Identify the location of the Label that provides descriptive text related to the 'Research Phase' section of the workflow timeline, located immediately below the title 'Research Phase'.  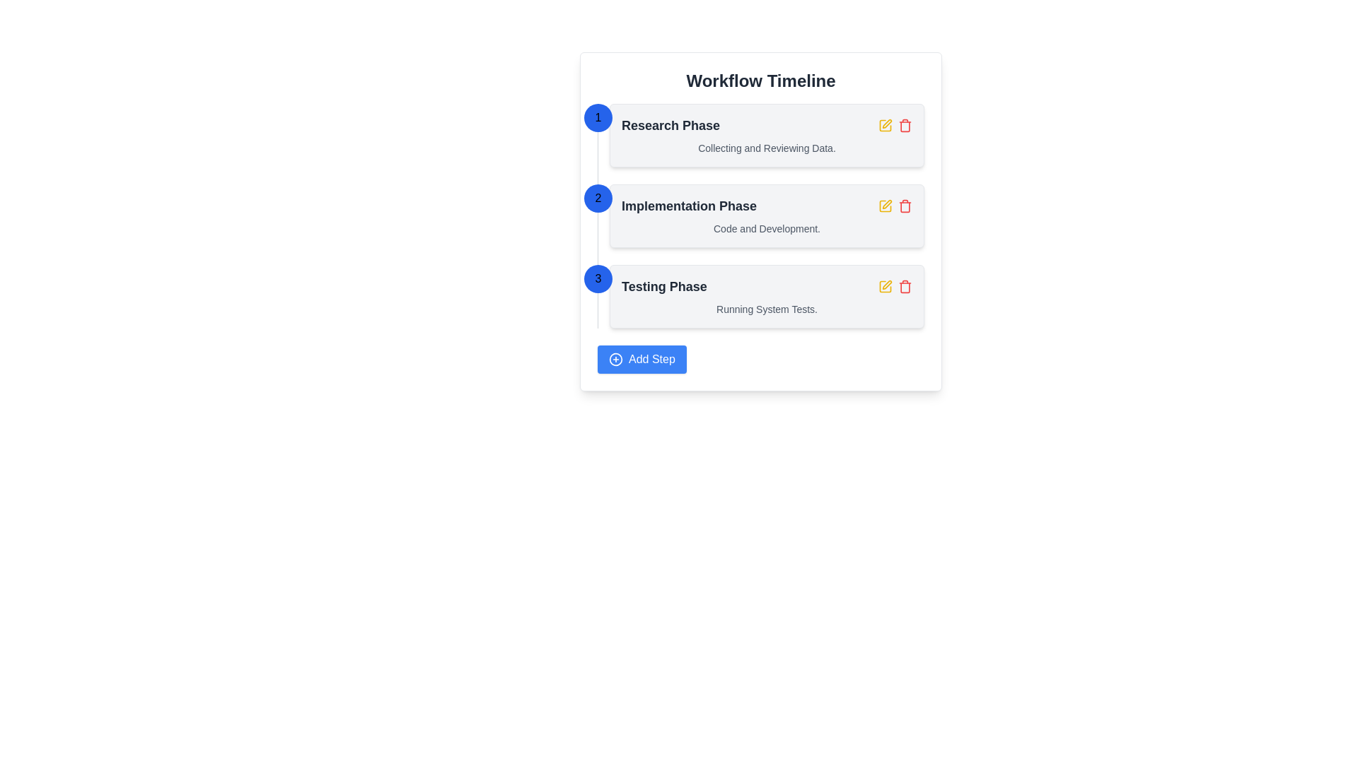
(766, 148).